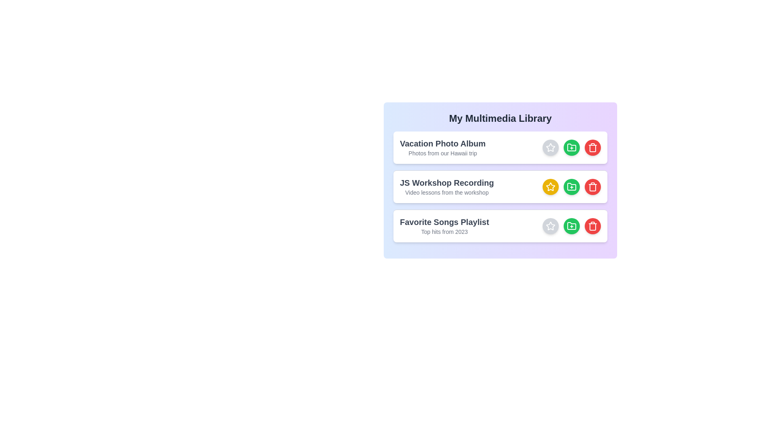 Image resolution: width=778 pixels, height=437 pixels. Describe the element at coordinates (571, 226) in the screenshot. I see `the green folder icon with a white cross symbol, which represents the 'add folder' function, located to the right of the 'Favorite Songs Playlist' row` at that location.